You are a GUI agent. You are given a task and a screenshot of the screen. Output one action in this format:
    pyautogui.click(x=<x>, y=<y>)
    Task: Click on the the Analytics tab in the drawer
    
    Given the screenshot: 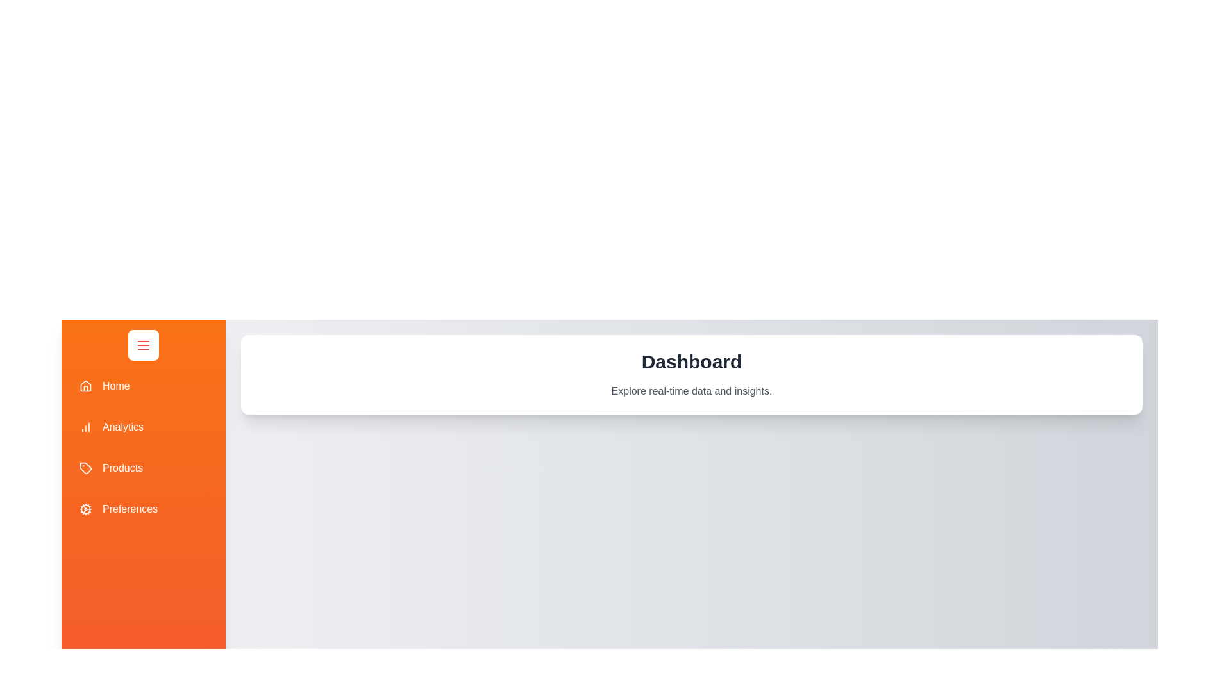 What is the action you would take?
    pyautogui.click(x=144, y=427)
    